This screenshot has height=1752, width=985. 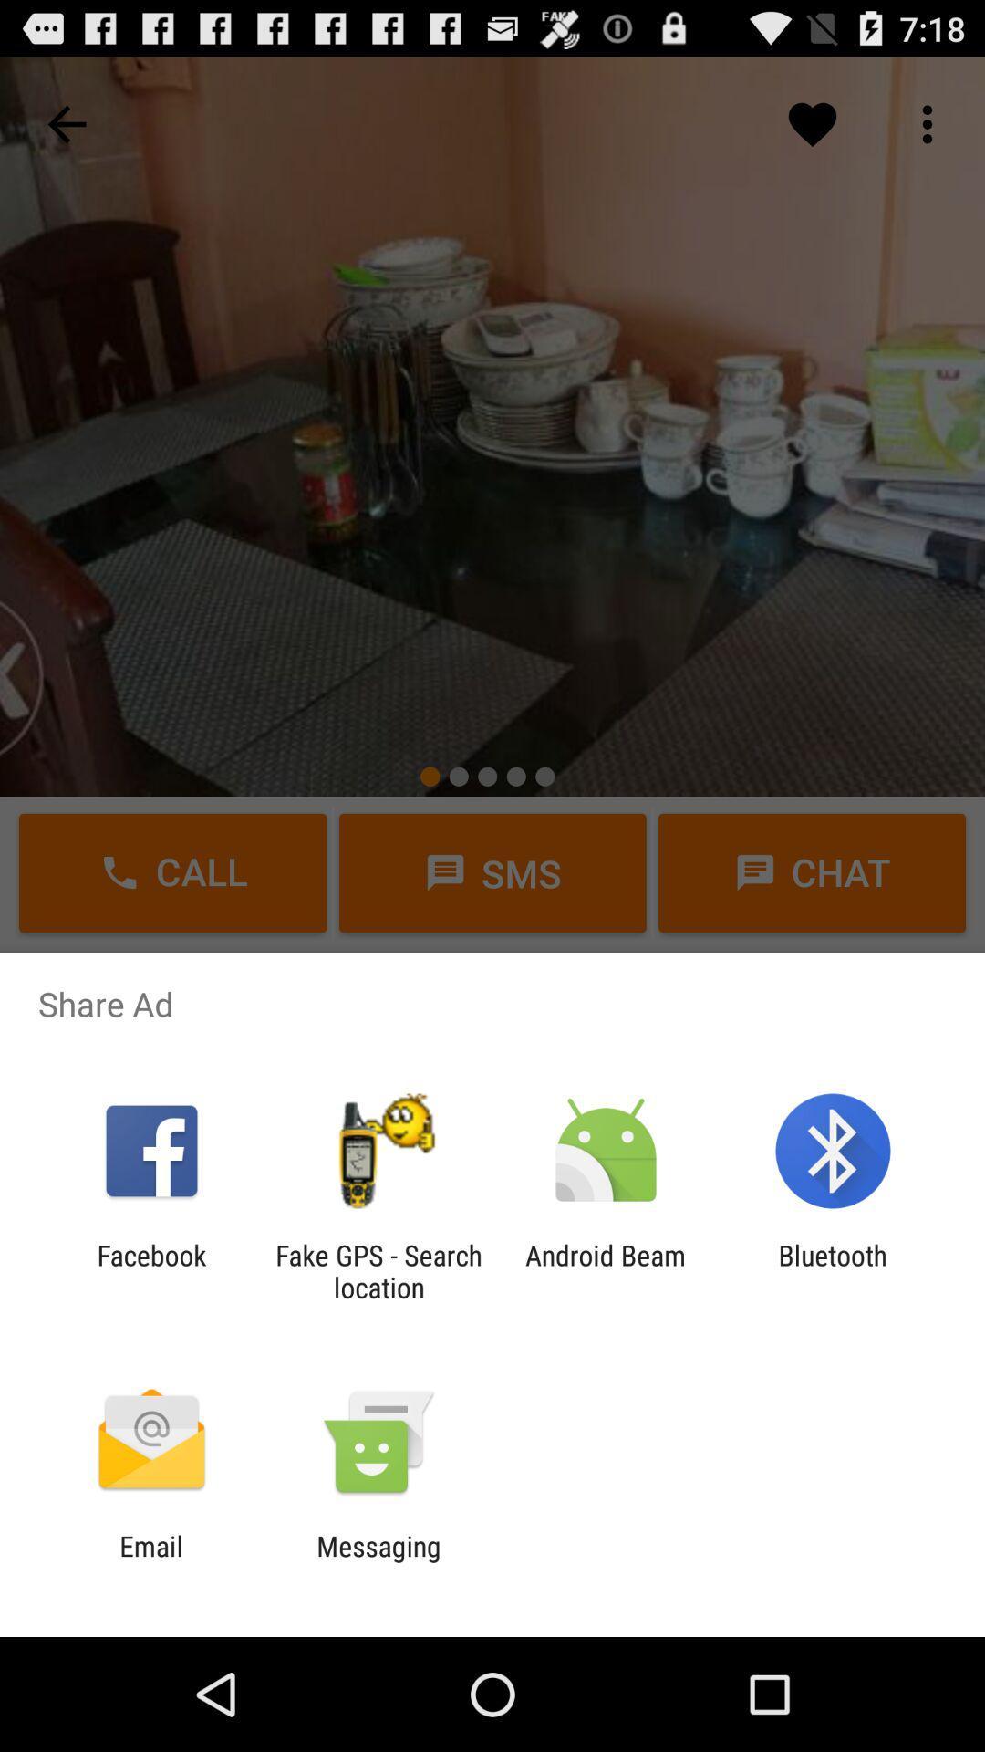 I want to click on android beam item, so click(x=606, y=1270).